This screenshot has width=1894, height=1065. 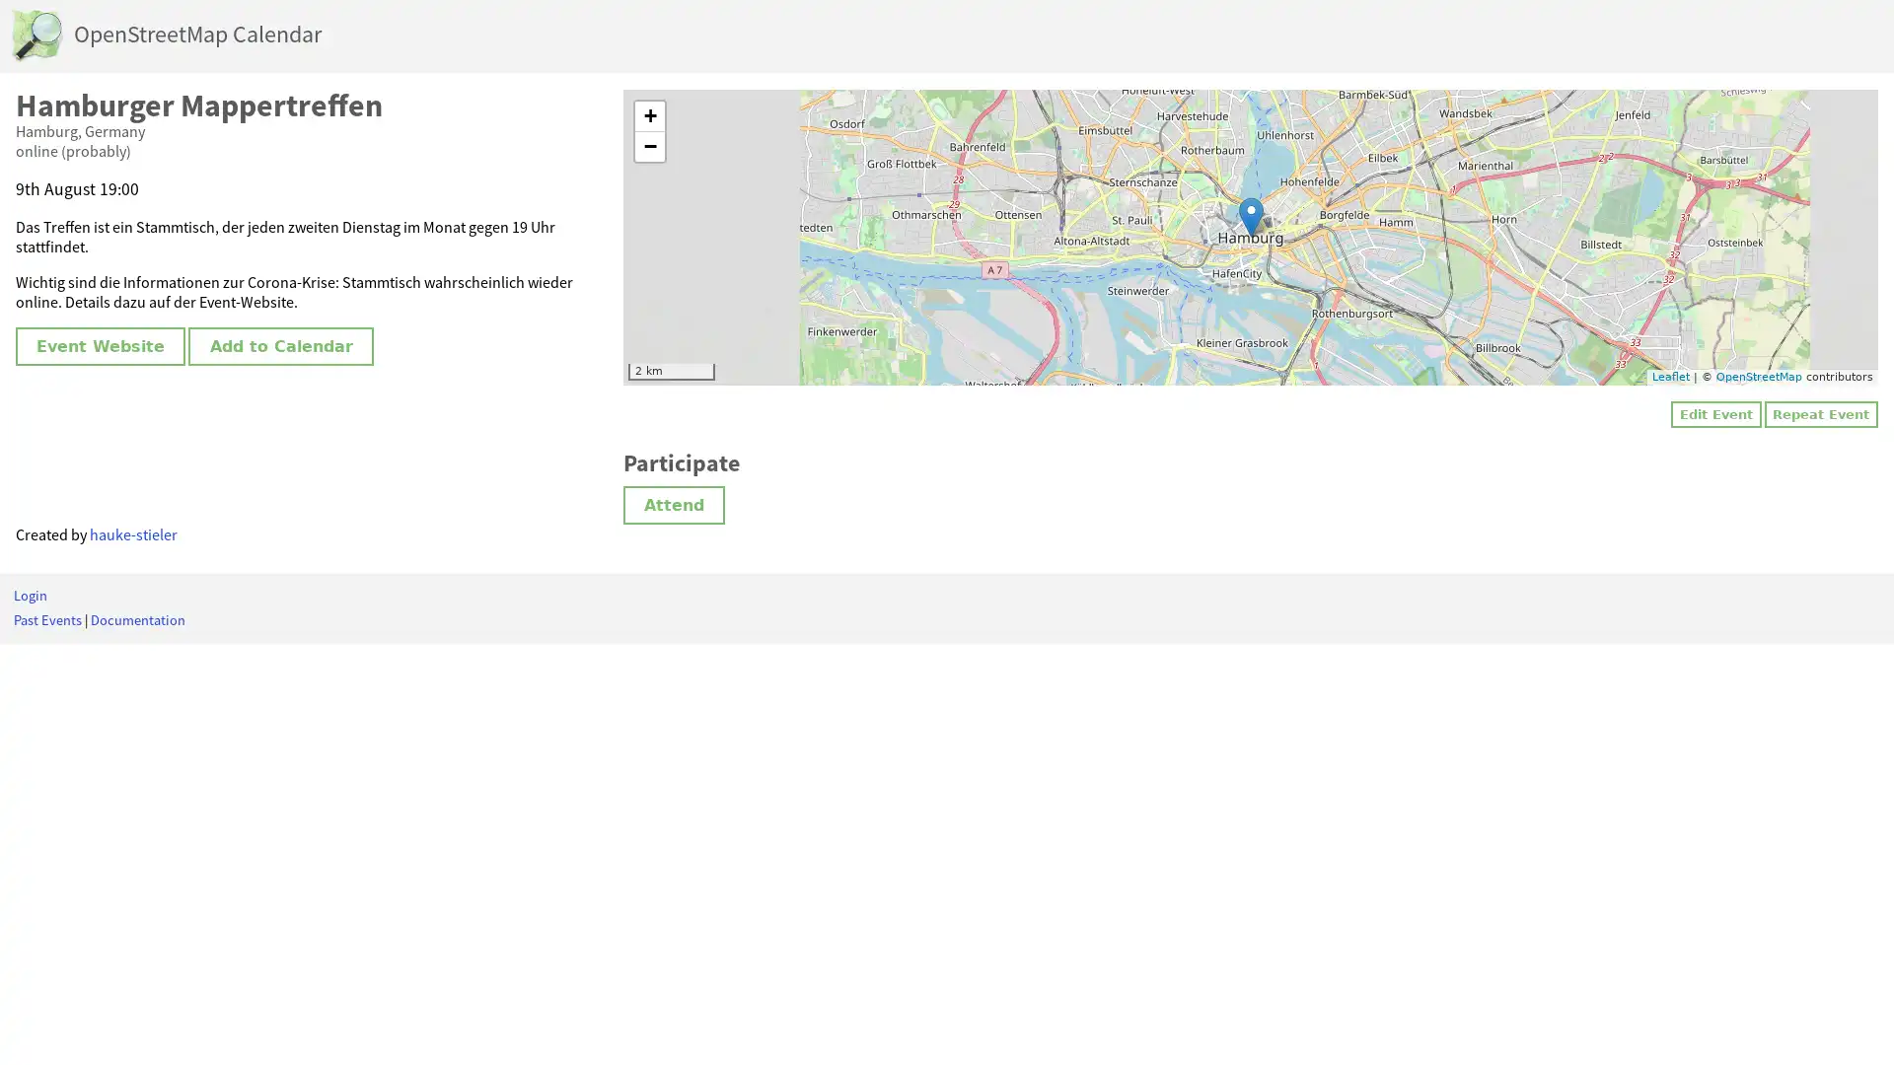 I want to click on Edit Event, so click(x=1714, y=413).